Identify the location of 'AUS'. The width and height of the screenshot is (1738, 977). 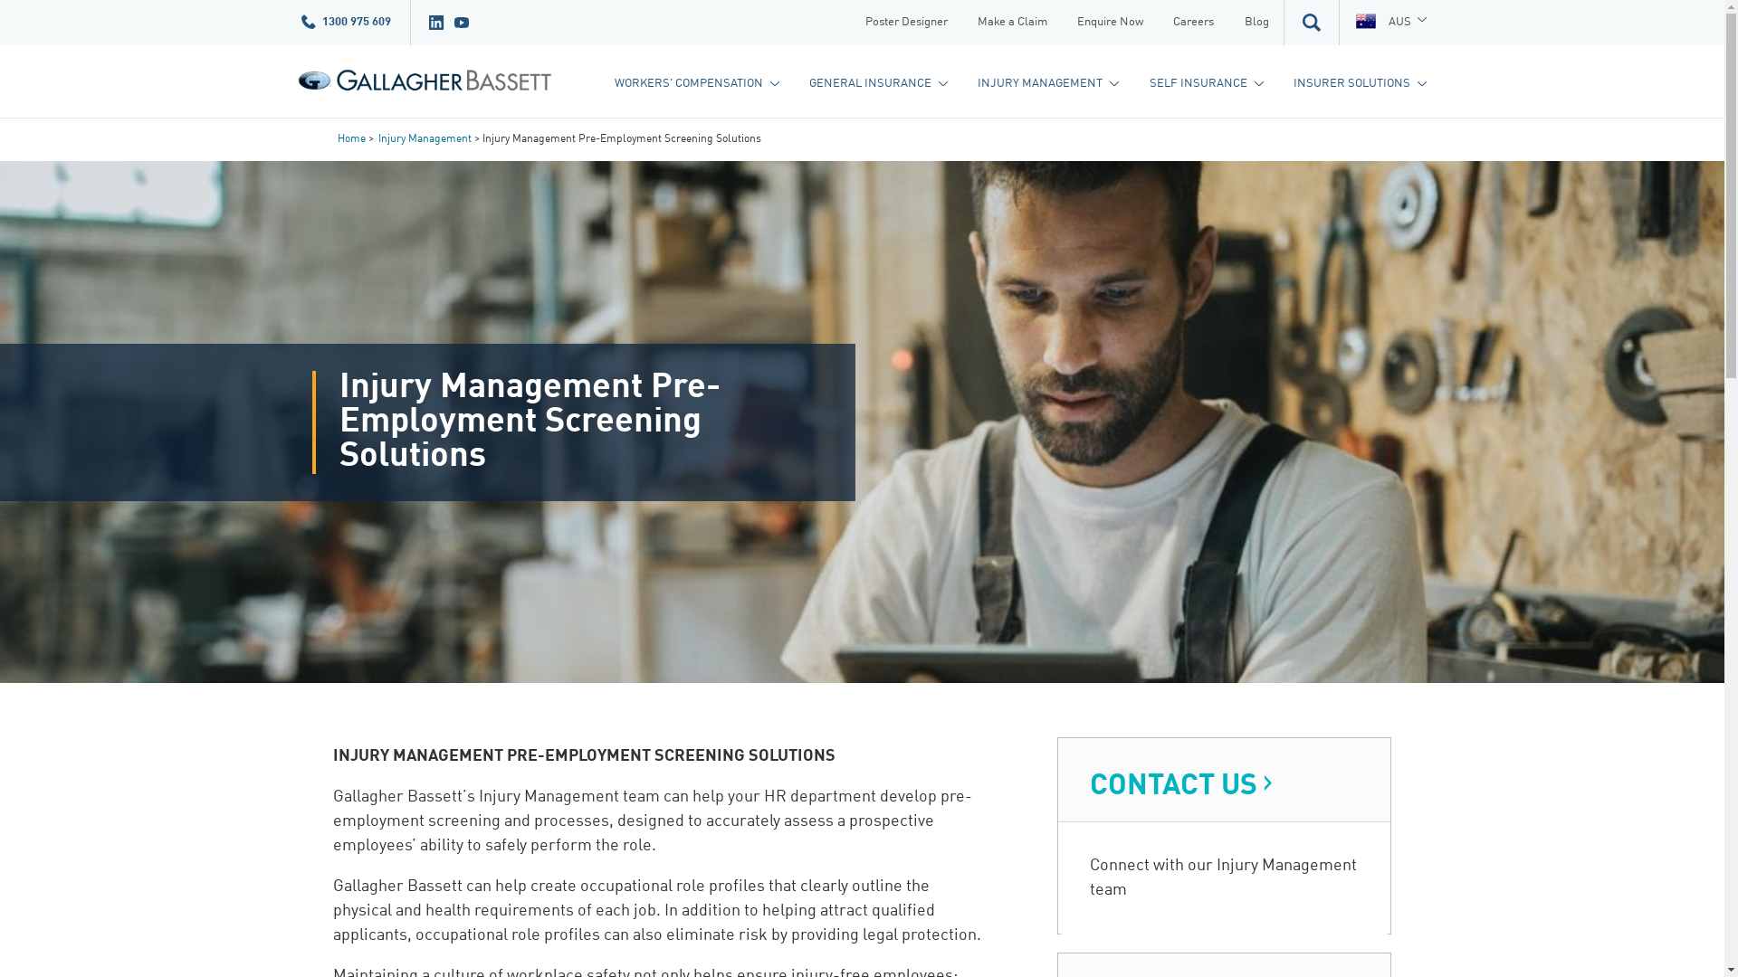
(1389, 22).